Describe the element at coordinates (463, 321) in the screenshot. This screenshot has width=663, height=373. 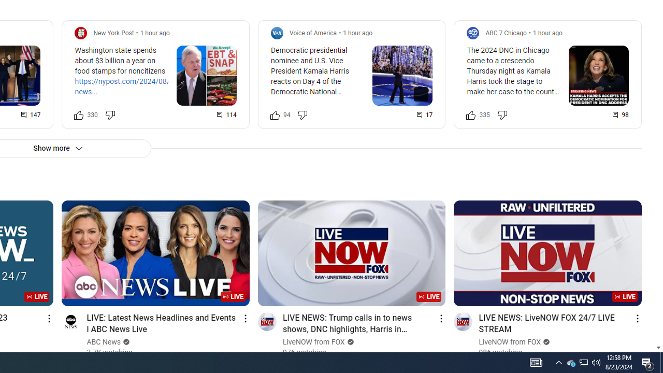
I see `'Go to channel'` at that location.